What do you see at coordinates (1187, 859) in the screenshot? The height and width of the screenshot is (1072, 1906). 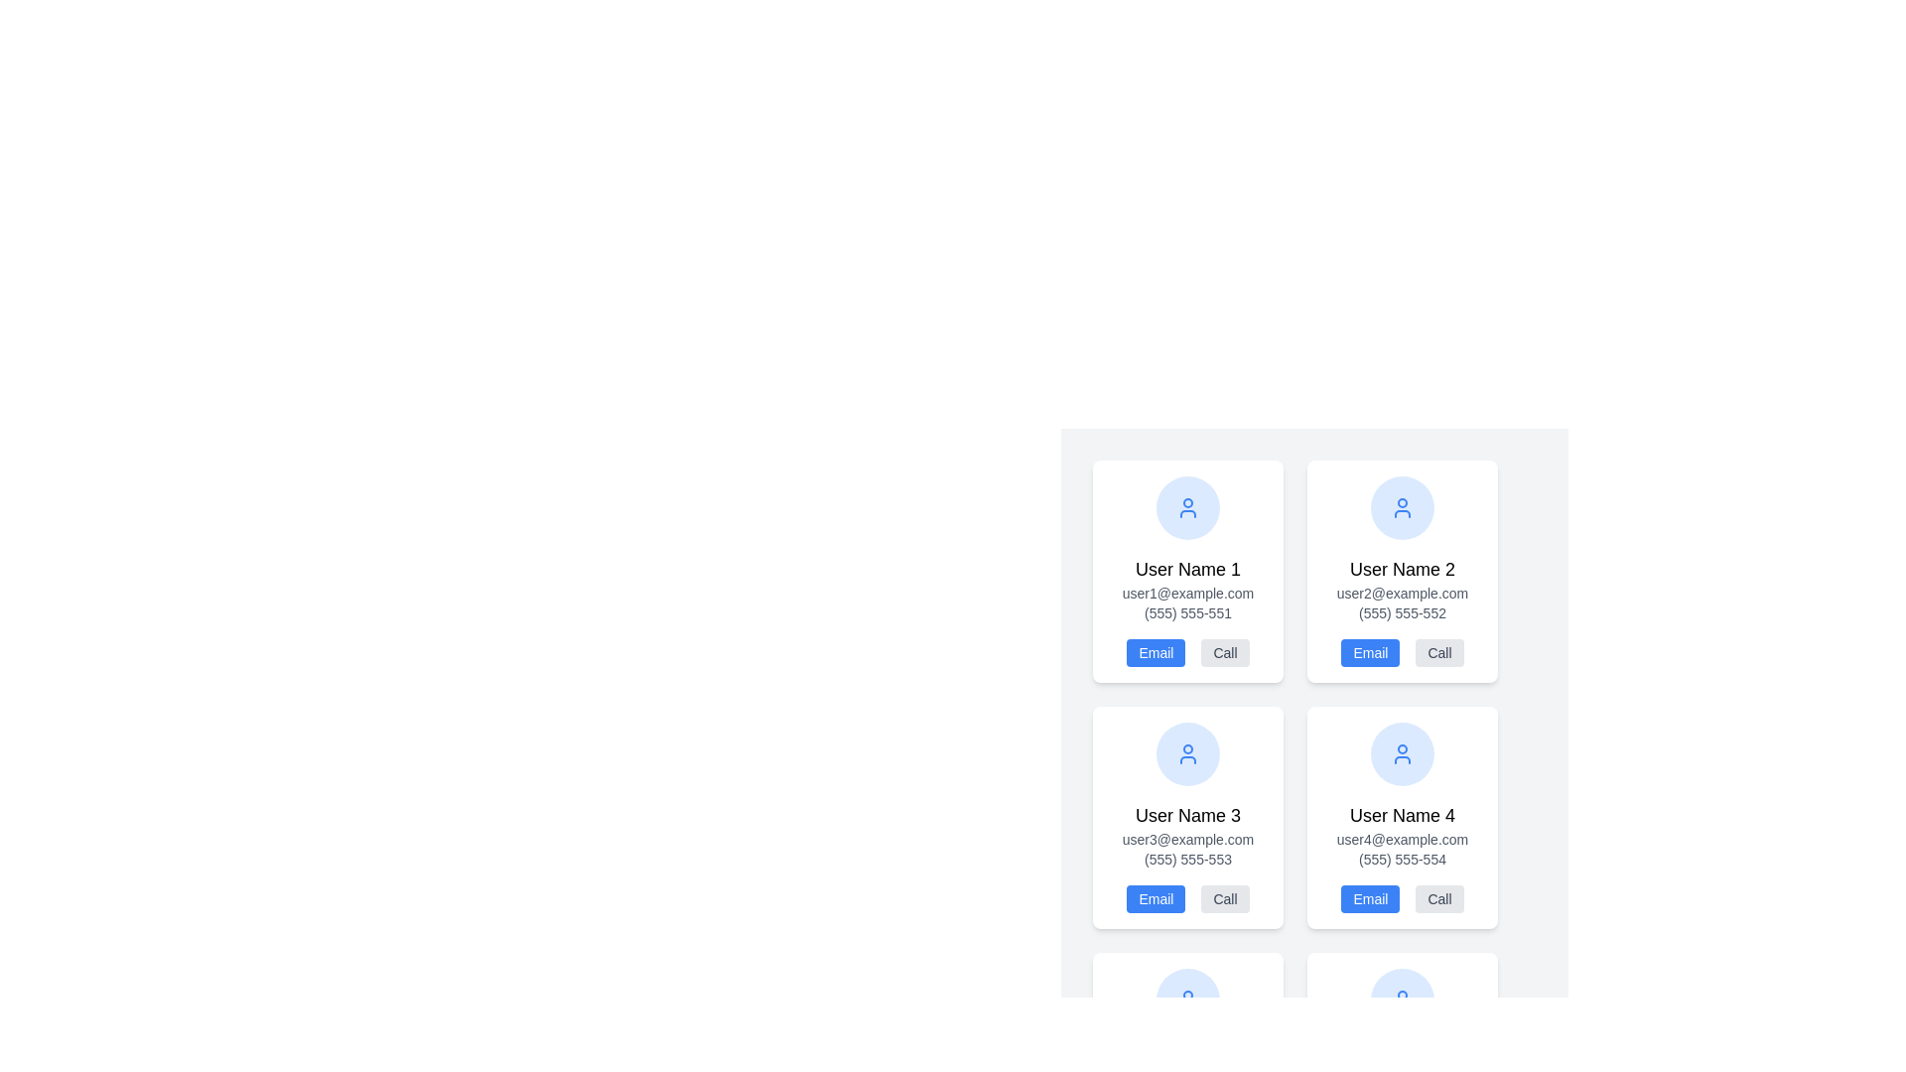 I see `the static text displaying the phone number '(555) 555-553', which is located in the 'User Name 3' card, below the email address 'user3@example.com'` at bounding box center [1187, 859].